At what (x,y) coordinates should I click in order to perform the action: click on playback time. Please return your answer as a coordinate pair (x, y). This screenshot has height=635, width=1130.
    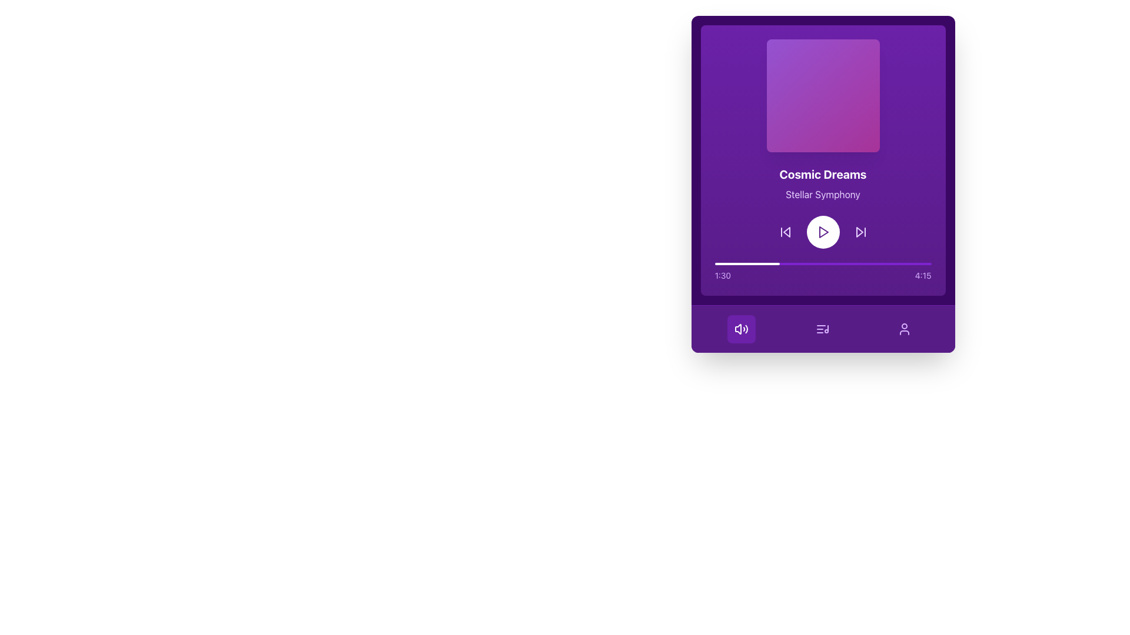
    Looking at the image, I should click on (911, 263).